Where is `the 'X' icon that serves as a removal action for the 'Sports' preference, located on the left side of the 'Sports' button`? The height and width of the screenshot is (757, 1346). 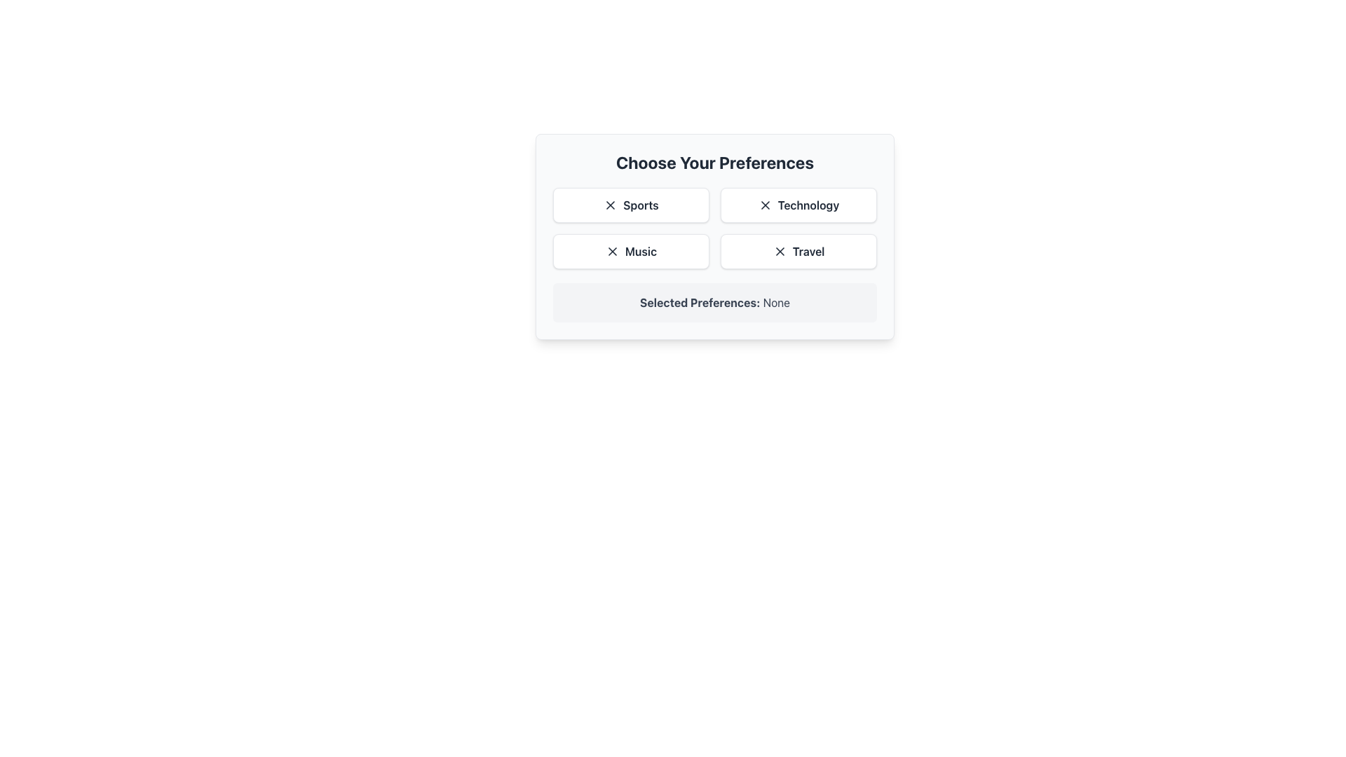 the 'X' icon that serves as a removal action for the 'Sports' preference, located on the left side of the 'Sports' button is located at coordinates (611, 205).